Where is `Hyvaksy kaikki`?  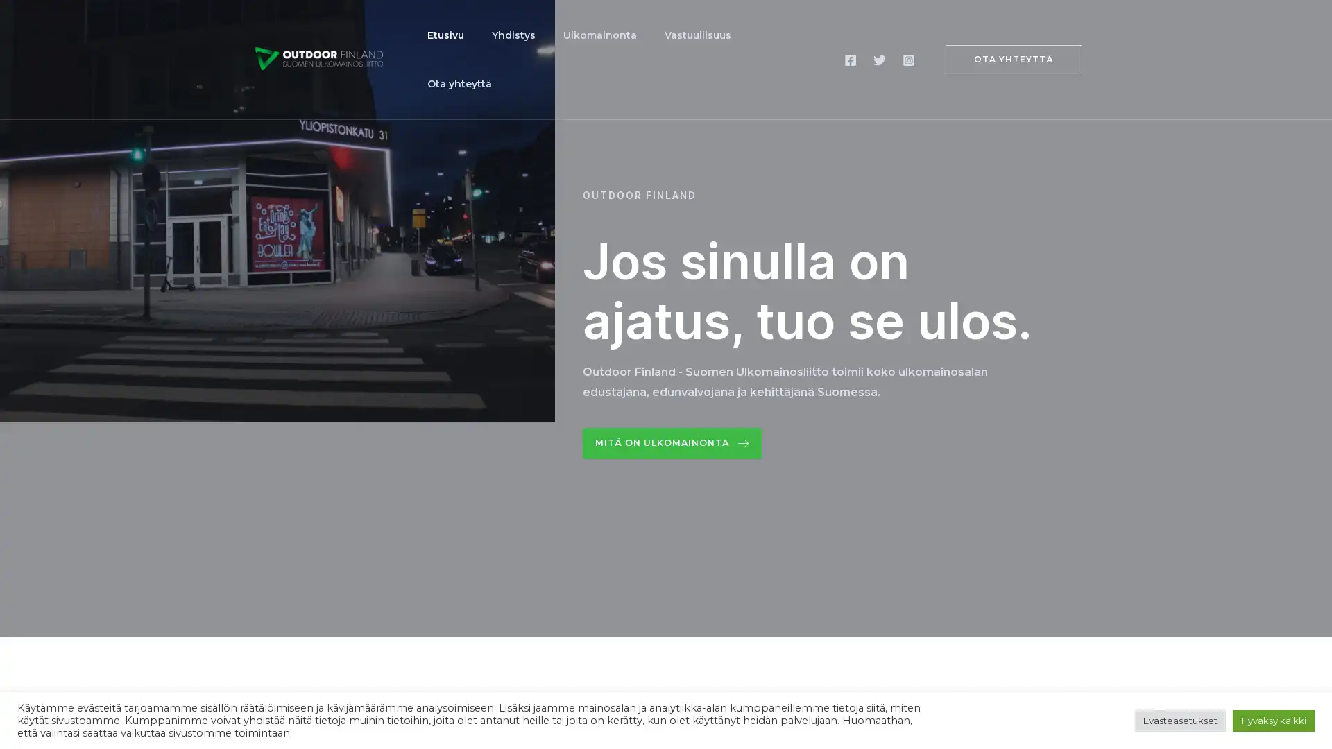 Hyvaksy kaikki is located at coordinates (1274, 719).